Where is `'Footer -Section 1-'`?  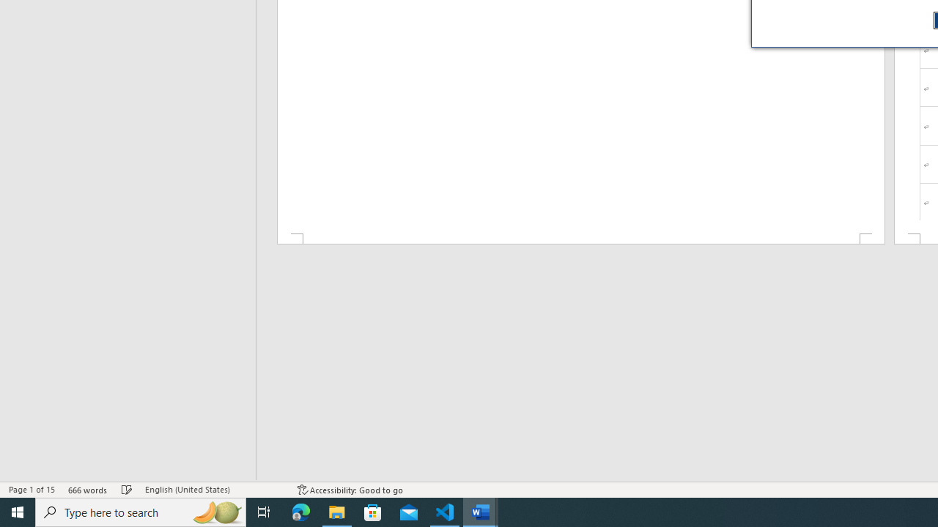
'Footer -Section 1-' is located at coordinates (580, 238).